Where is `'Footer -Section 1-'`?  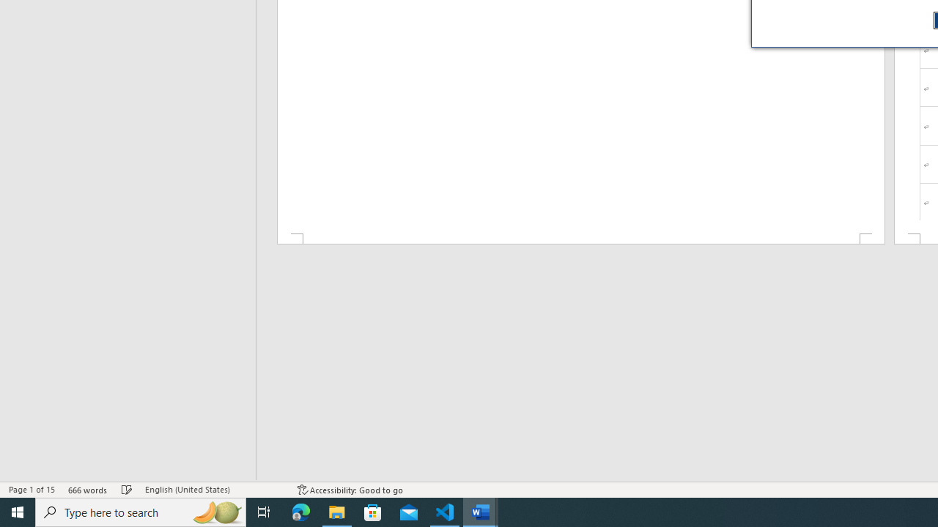
'Footer -Section 1-' is located at coordinates (580, 238).